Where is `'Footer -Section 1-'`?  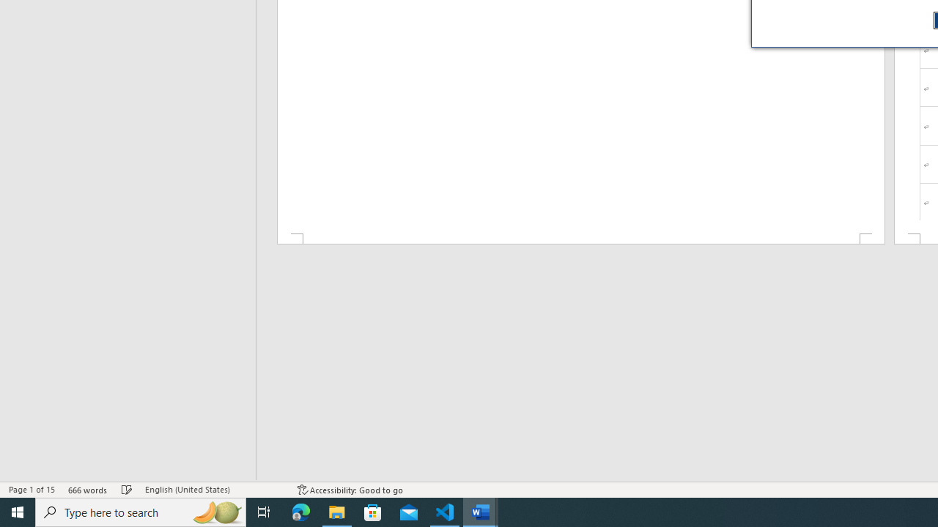
'Footer -Section 1-' is located at coordinates (580, 238).